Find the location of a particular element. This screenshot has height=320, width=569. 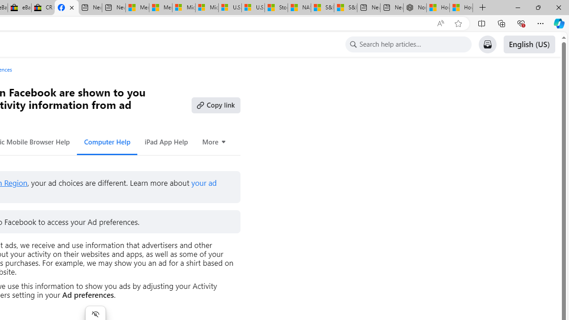

'Copy link' is located at coordinates (216, 104).